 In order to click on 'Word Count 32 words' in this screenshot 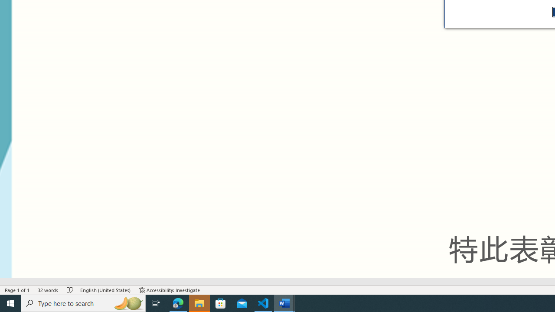, I will do `click(48, 290)`.